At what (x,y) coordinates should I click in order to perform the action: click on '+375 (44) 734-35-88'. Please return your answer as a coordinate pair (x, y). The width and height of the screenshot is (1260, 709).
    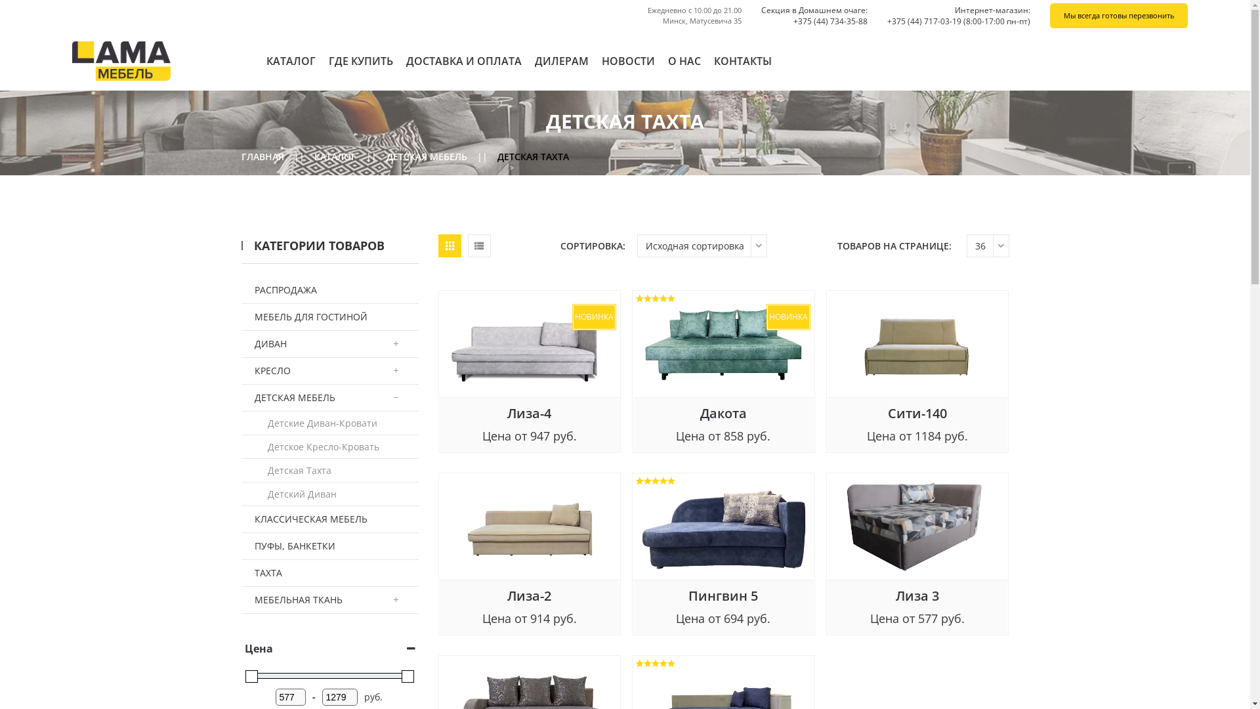
    Looking at the image, I should click on (793, 21).